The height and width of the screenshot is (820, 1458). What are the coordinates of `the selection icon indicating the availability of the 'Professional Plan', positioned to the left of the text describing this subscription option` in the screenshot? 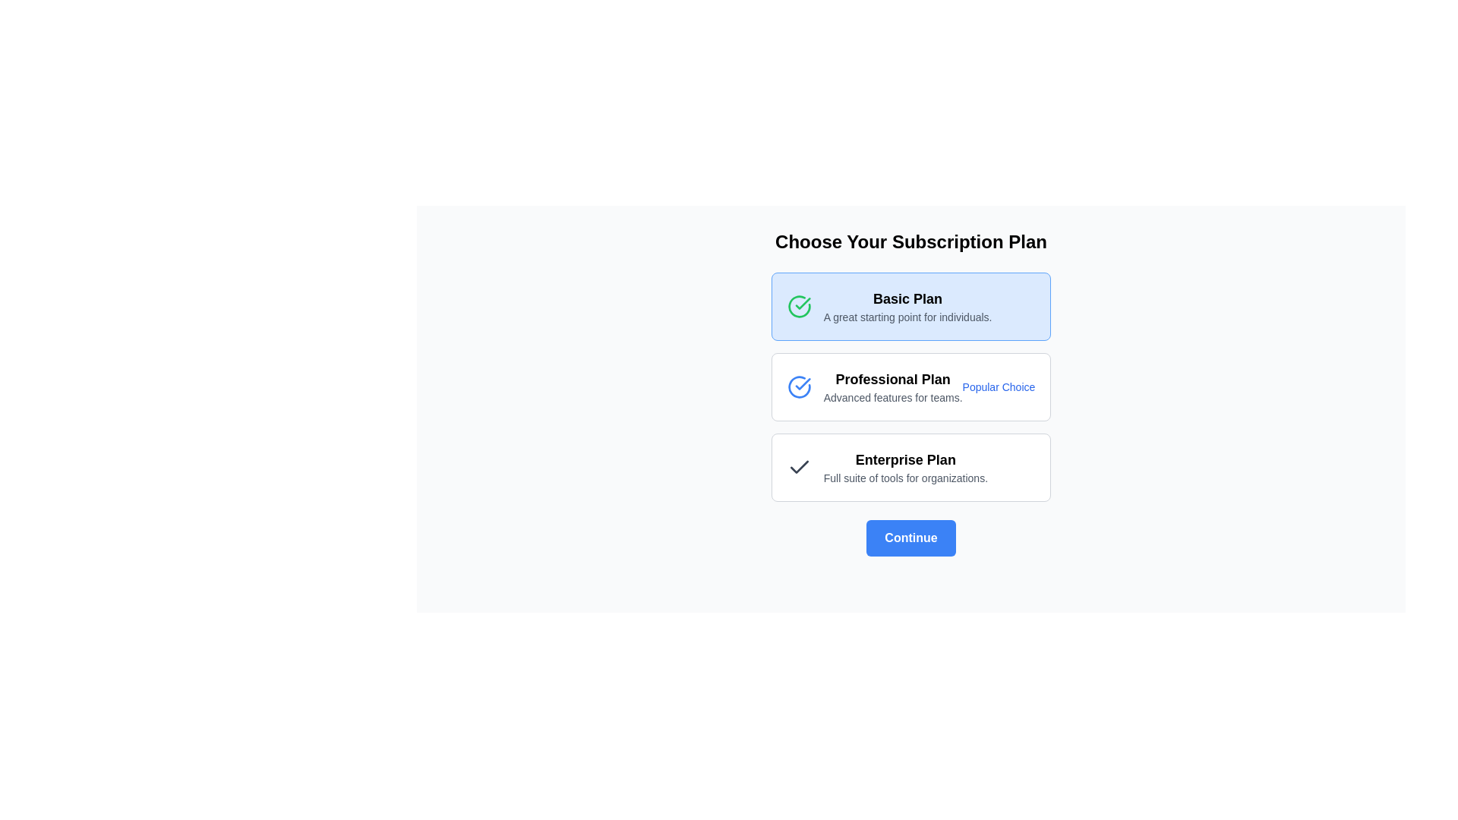 It's located at (798, 386).